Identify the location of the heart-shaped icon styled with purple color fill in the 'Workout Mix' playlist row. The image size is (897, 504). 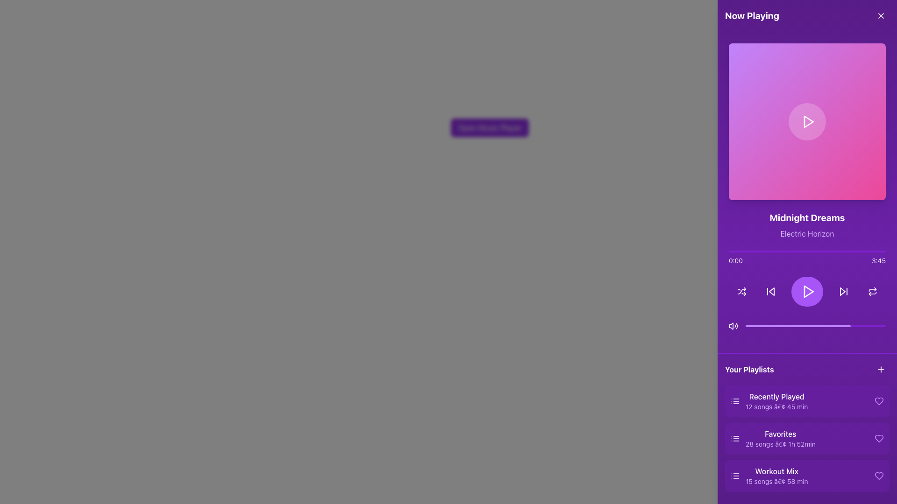
(878, 476).